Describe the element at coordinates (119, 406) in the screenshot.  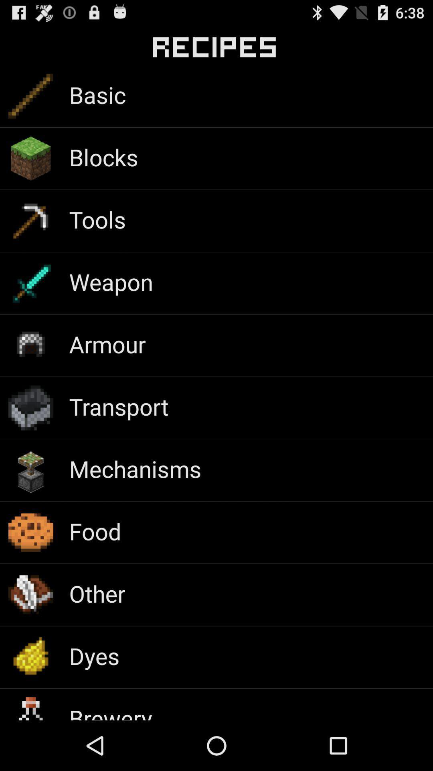
I see `app above mechanisms` at that location.